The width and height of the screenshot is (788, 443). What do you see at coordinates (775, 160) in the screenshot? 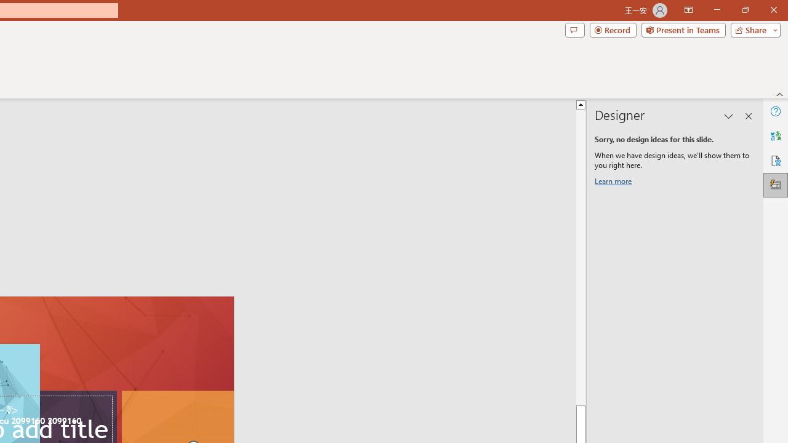
I see `'Accessibility'` at bounding box center [775, 160].